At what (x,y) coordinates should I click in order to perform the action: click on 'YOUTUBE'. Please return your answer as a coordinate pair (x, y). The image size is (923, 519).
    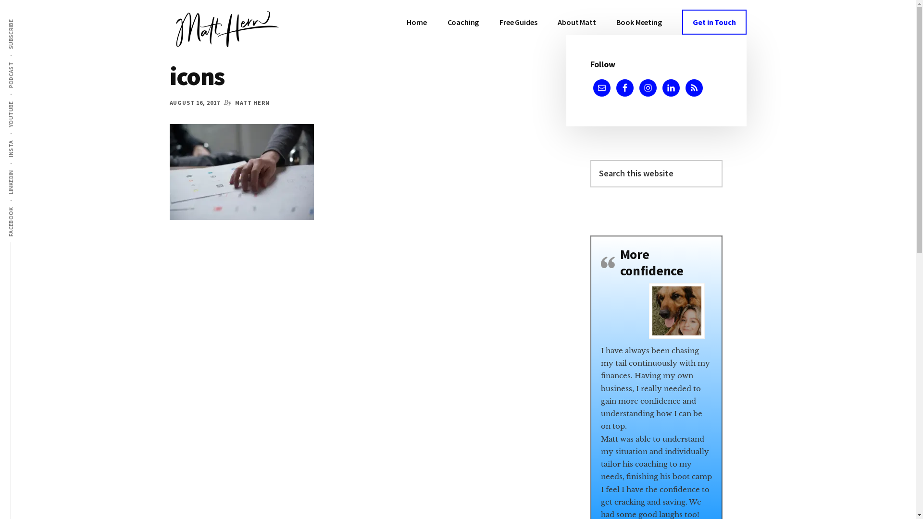
    Looking at the image, I should click on (25, 100).